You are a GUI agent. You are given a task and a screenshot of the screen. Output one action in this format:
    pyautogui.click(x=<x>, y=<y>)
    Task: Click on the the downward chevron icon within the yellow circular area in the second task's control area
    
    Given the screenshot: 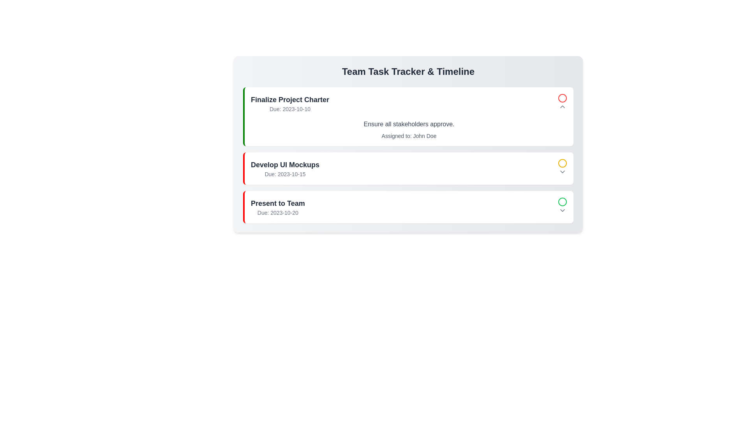 What is the action you would take?
    pyautogui.click(x=563, y=171)
    